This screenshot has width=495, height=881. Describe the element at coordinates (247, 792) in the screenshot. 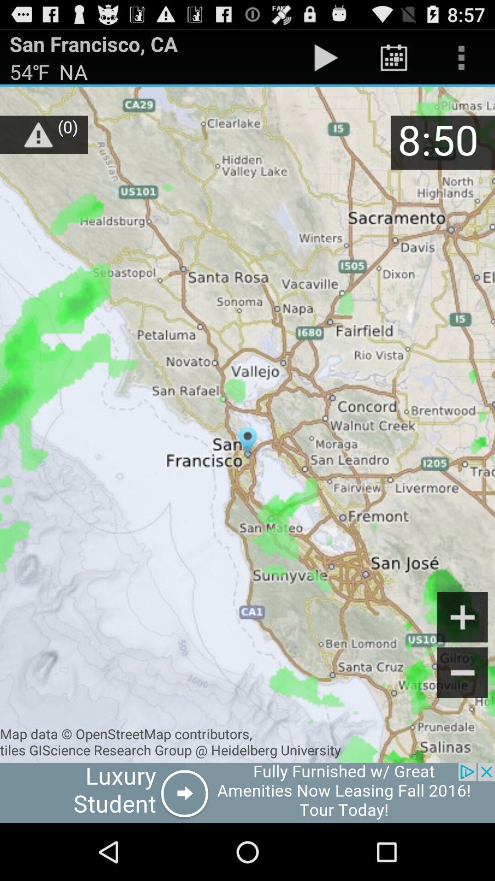

I see `advertisements` at that location.